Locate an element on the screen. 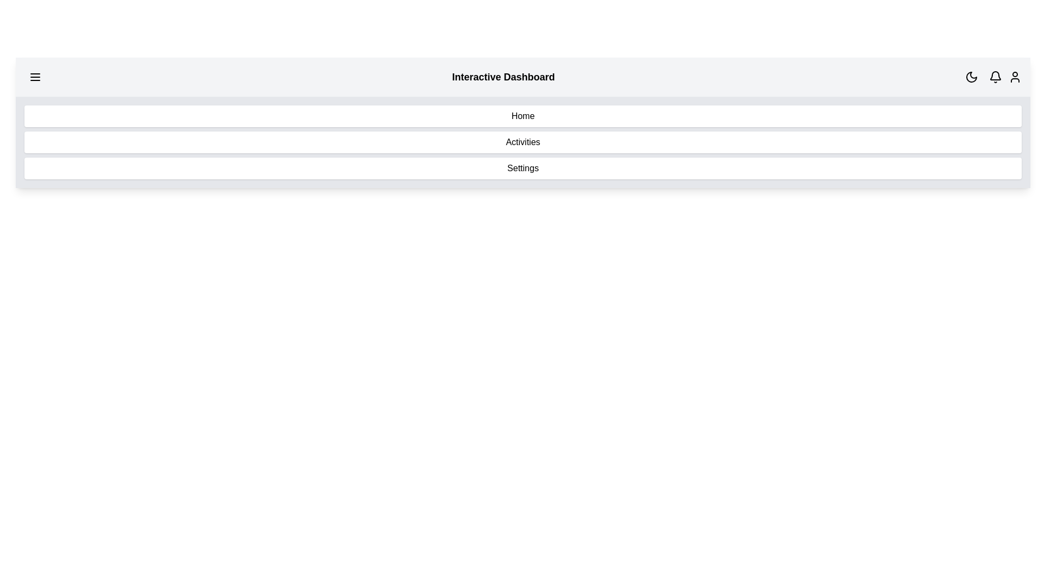 The height and width of the screenshot is (587, 1044). the user profile icon in the top right corner of the app bar is located at coordinates (1015, 77).